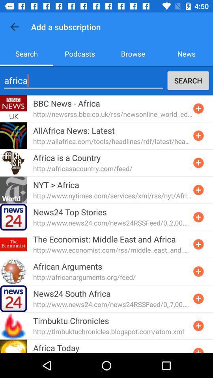  I want to click on plus button to add subscription, so click(198, 217).